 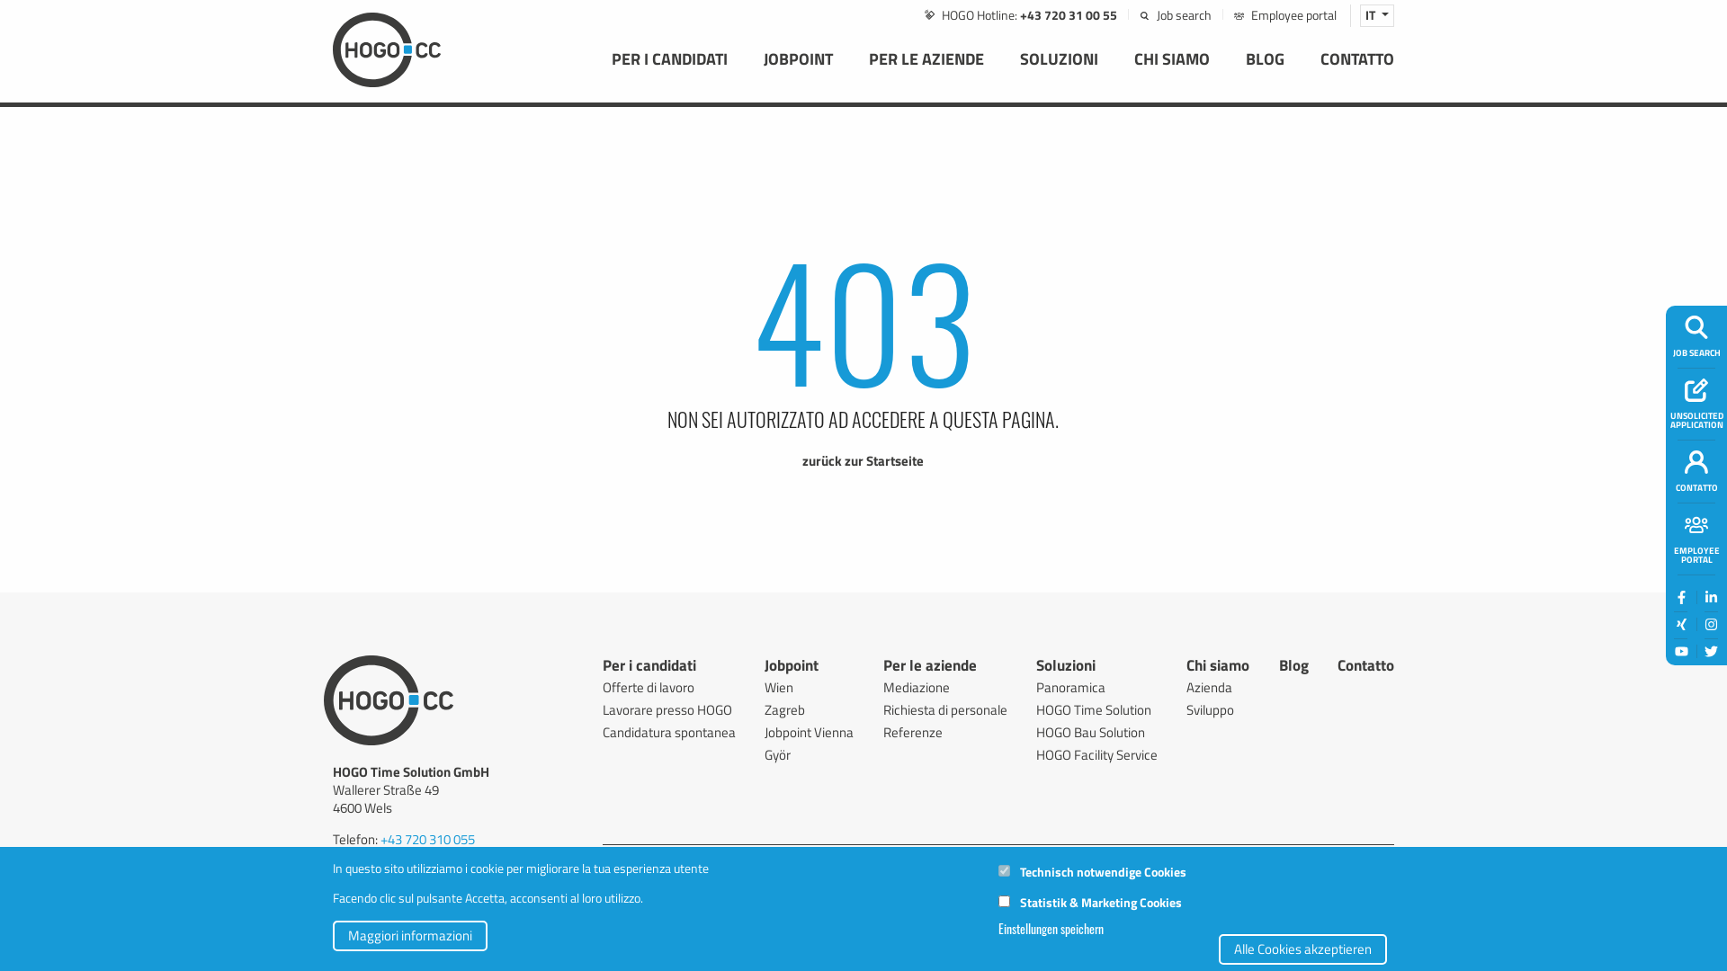 What do you see at coordinates (1302, 948) in the screenshot?
I see `'Alle Cookies akzeptieren'` at bounding box center [1302, 948].